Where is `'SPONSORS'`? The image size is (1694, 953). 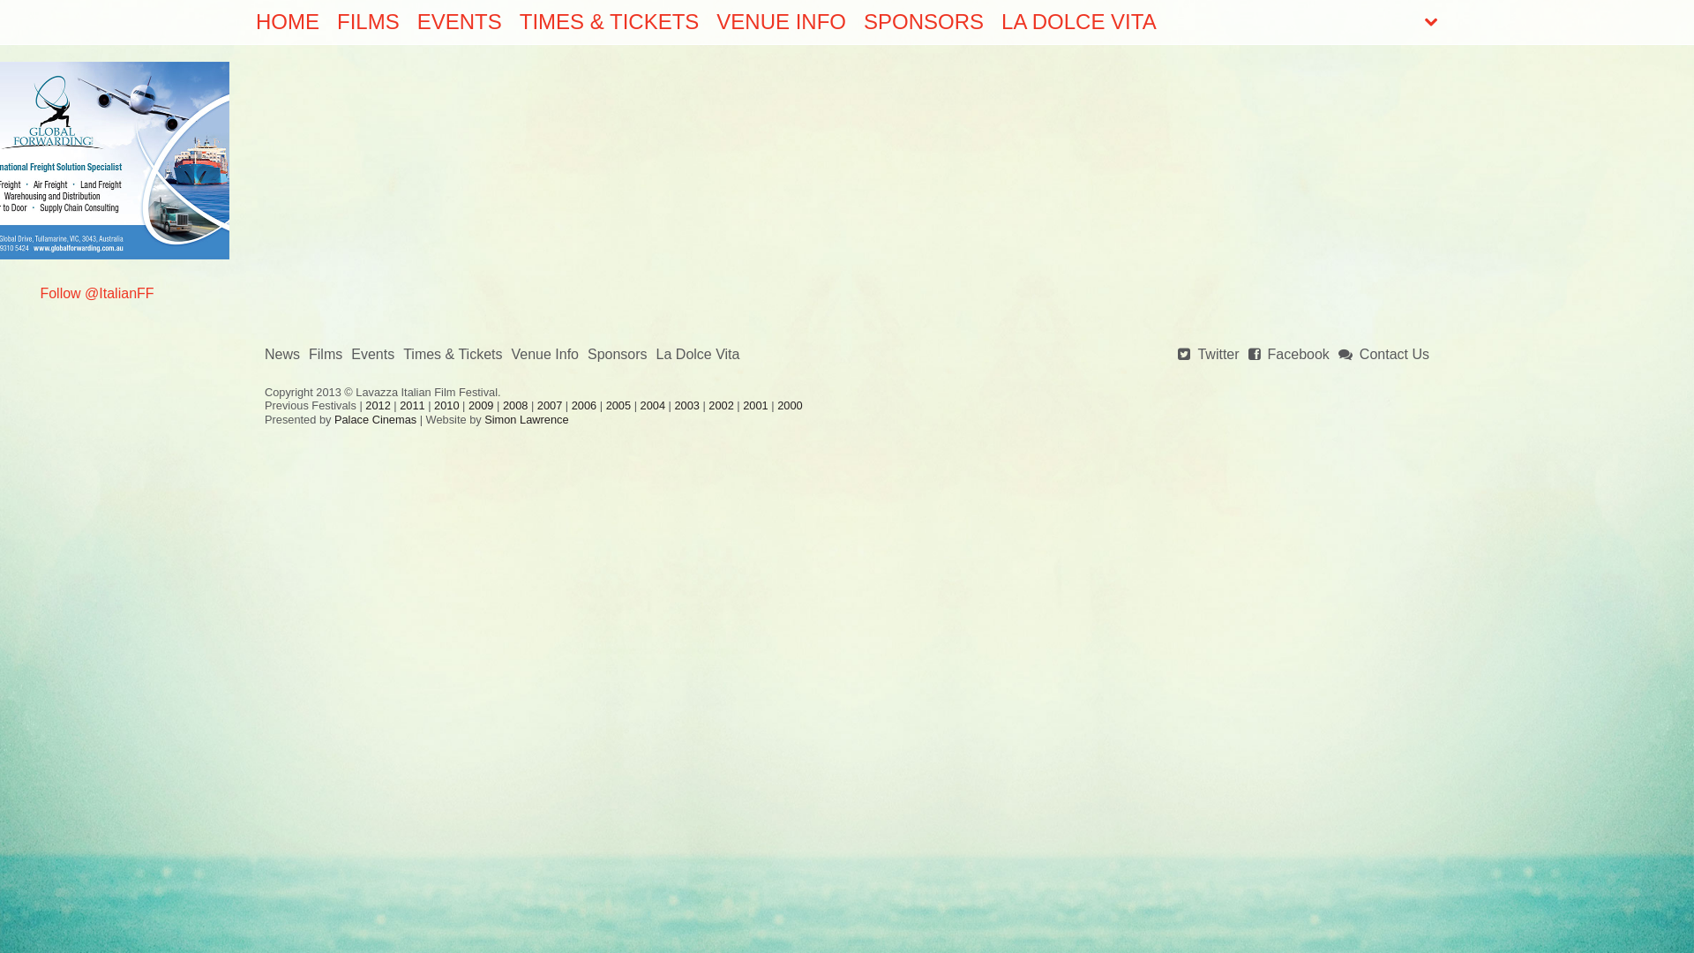 'SPONSORS' is located at coordinates (922, 21).